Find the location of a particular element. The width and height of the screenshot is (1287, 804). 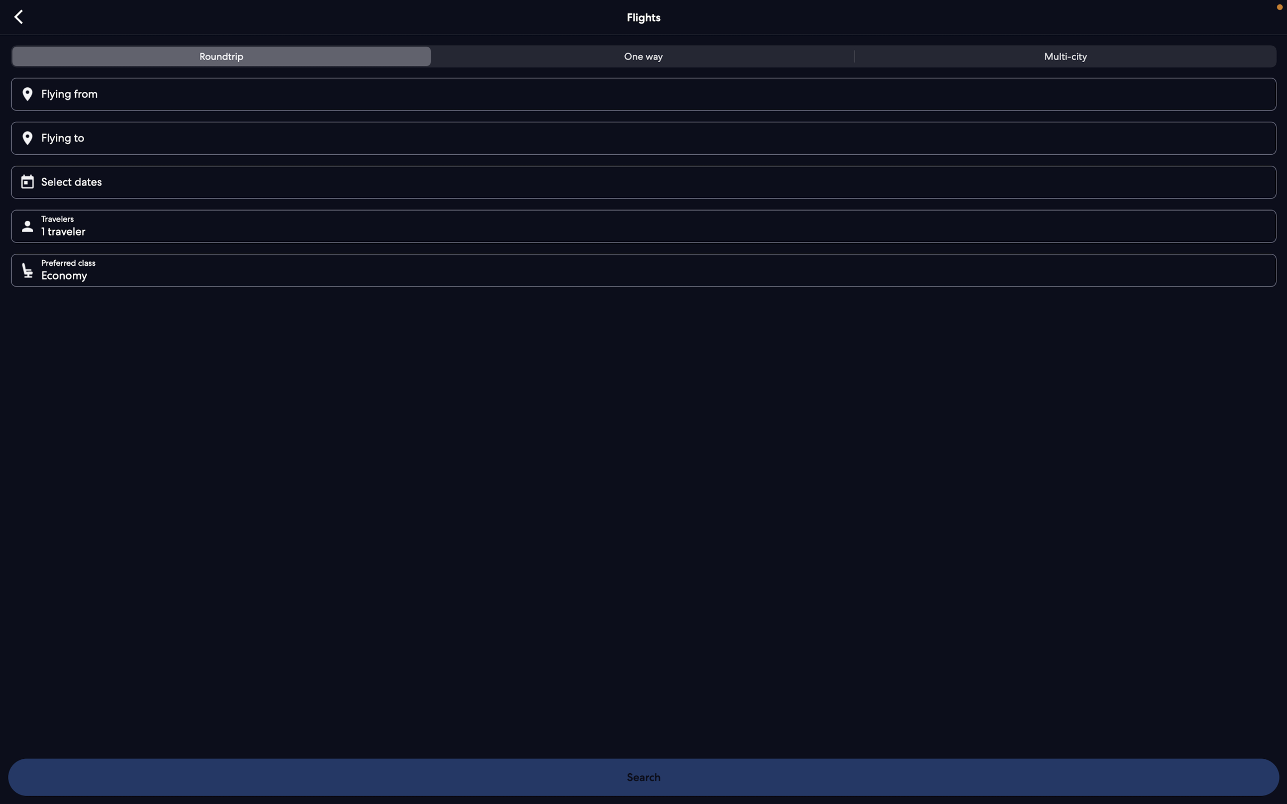

tab for multi-city flights is located at coordinates (1062, 58).